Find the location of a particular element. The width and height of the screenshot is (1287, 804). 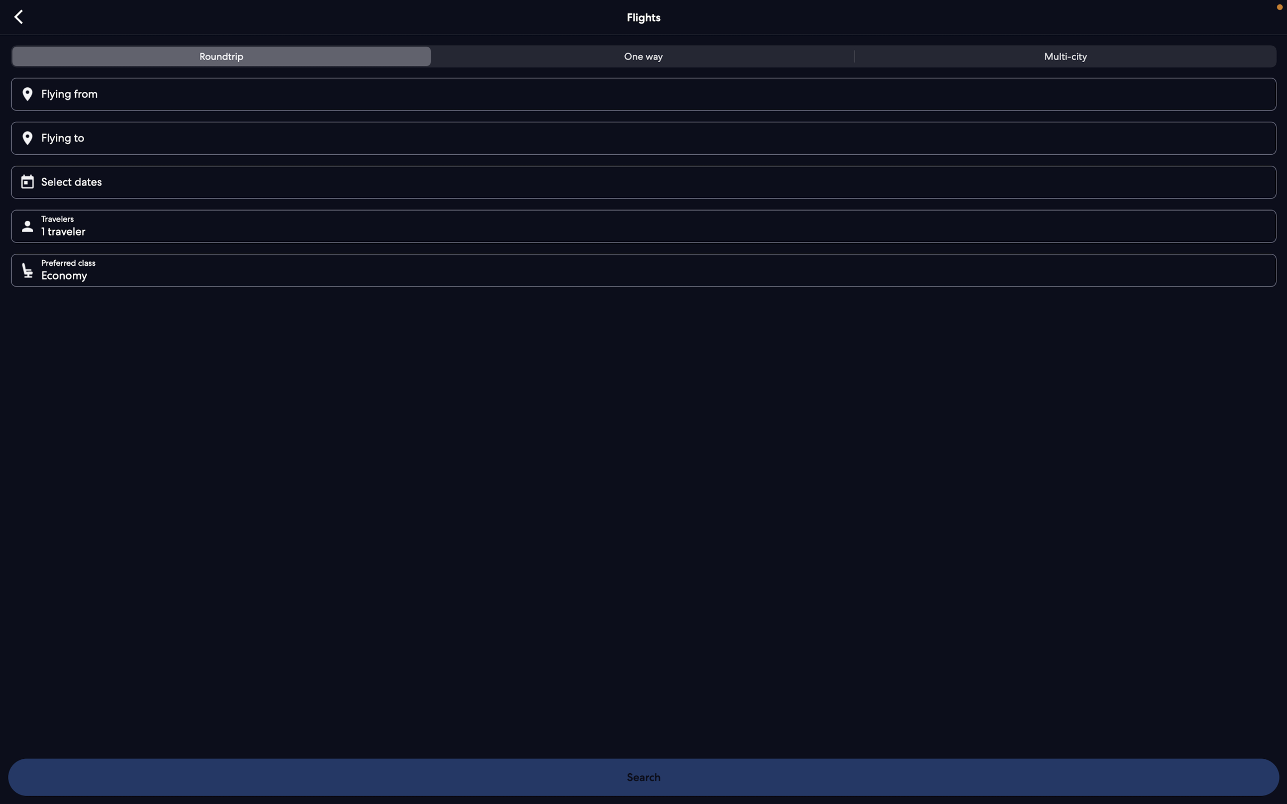

tab for multi-city flights is located at coordinates (1062, 58).